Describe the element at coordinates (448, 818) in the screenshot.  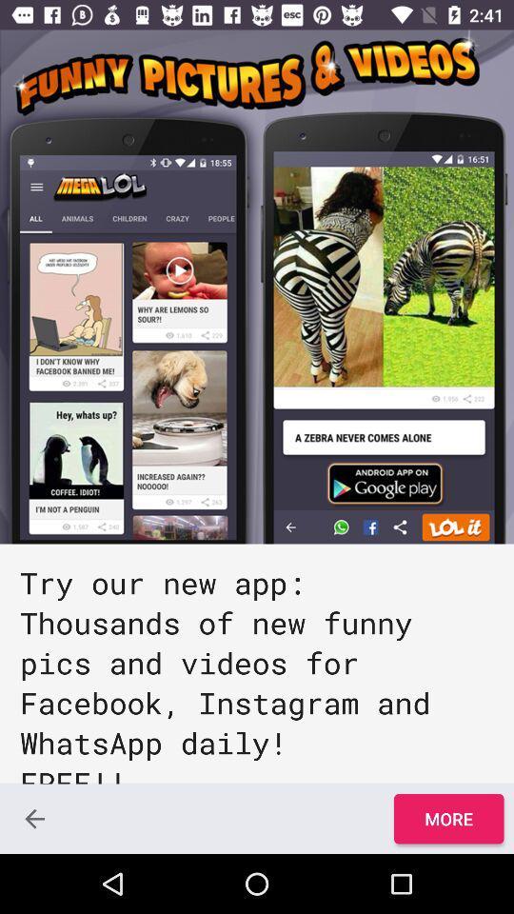
I see `the item at the bottom right corner` at that location.